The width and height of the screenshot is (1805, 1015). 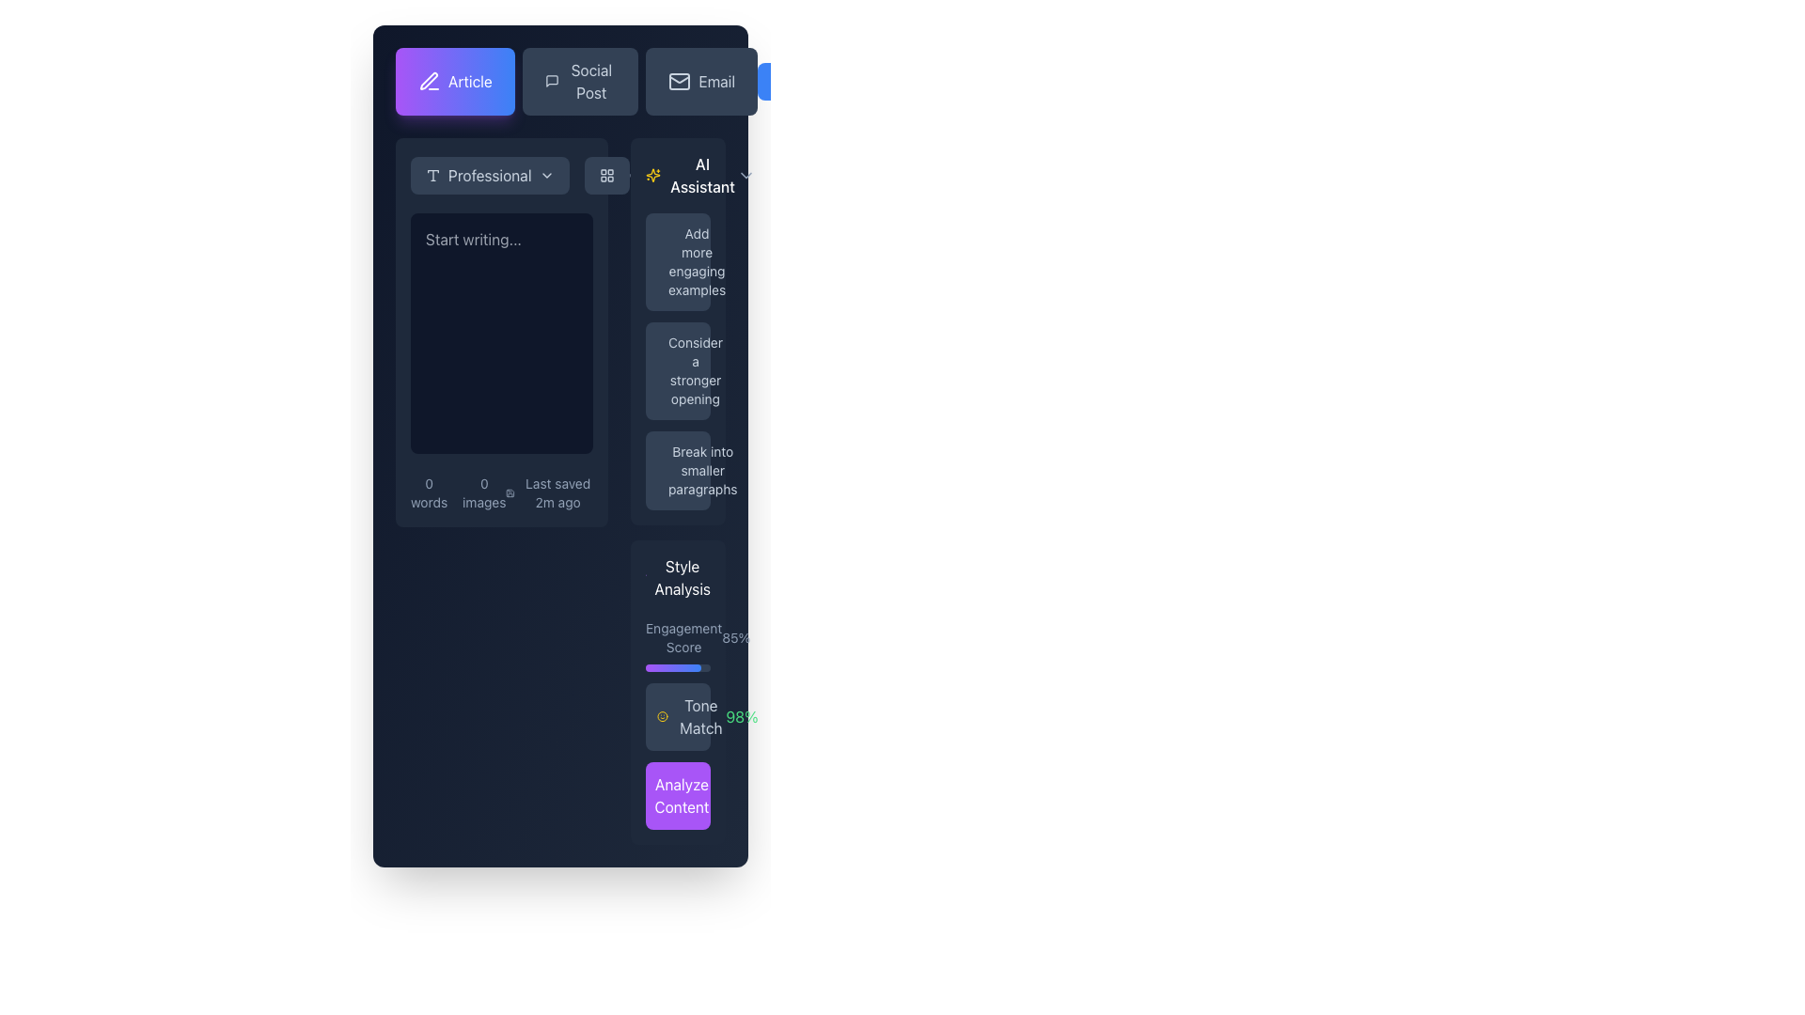 I want to click on the decorative UI component representing an envelope, which is positioned in the top navigation bar, between the 'Social Post' button and other navigation options, so click(x=679, y=81).